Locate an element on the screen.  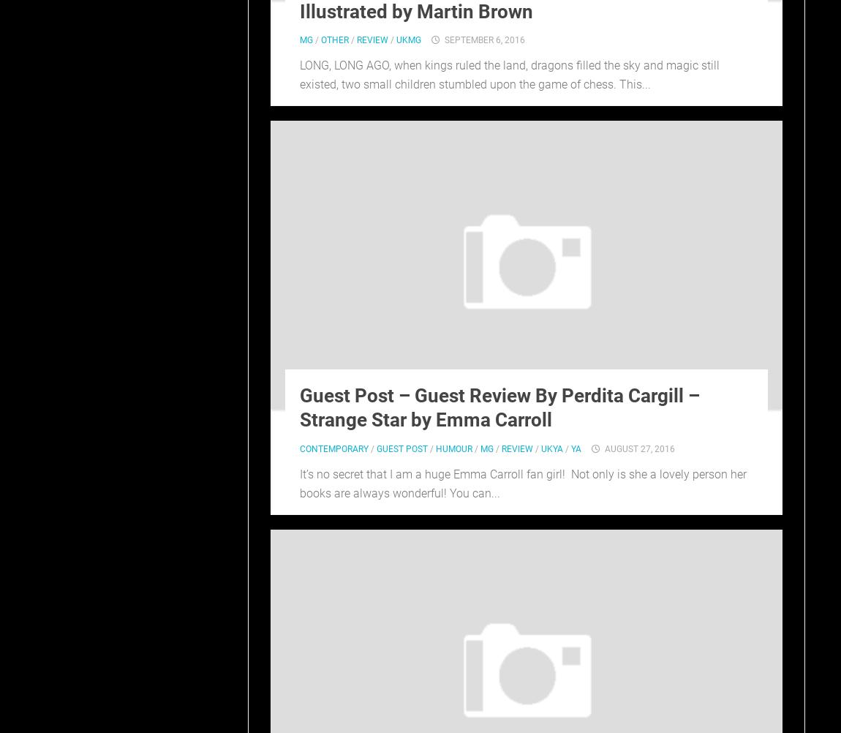
'Guest Post – Guest Review By Perdita Cargill – Strange Star by Emma Carroll' is located at coordinates (499, 407).